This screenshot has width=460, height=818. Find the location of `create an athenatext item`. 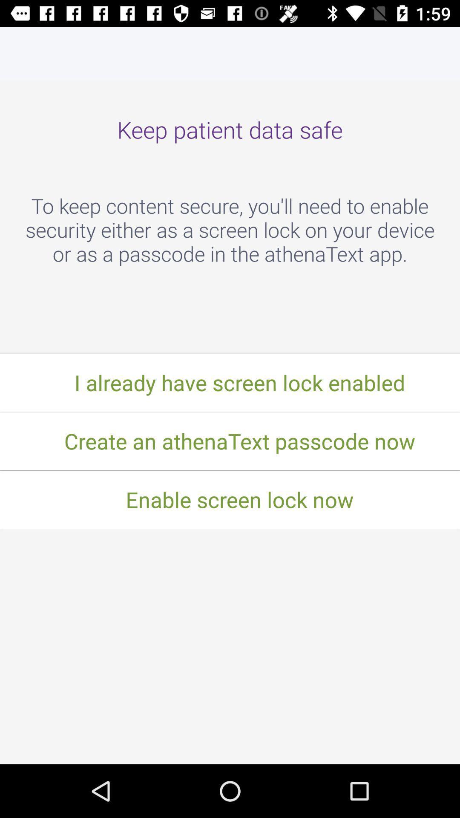

create an athenatext item is located at coordinates (230, 441).